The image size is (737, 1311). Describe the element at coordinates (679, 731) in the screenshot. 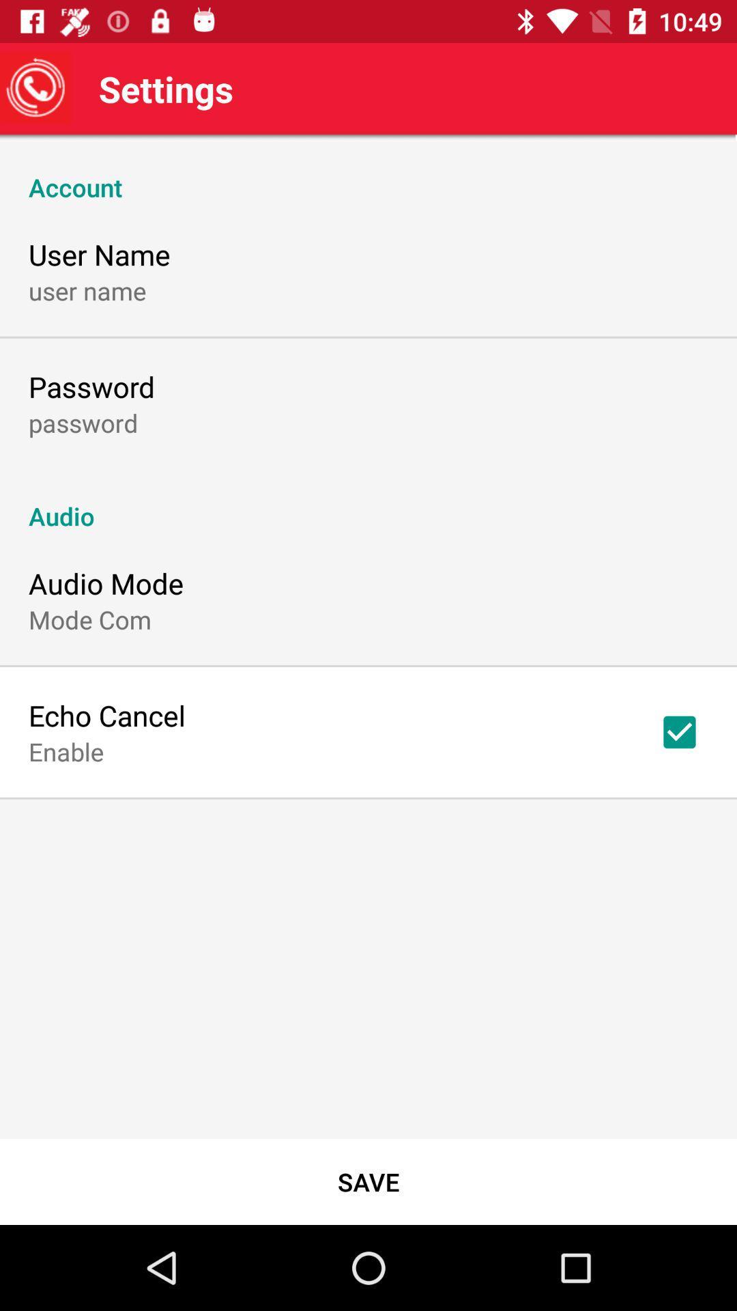

I see `app to the right of echo cancel` at that location.